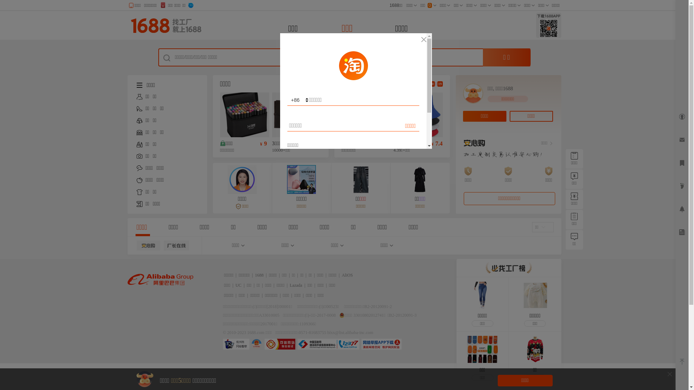  Describe the element at coordinates (347, 275) in the screenshot. I see `'AliOS'` at that location.